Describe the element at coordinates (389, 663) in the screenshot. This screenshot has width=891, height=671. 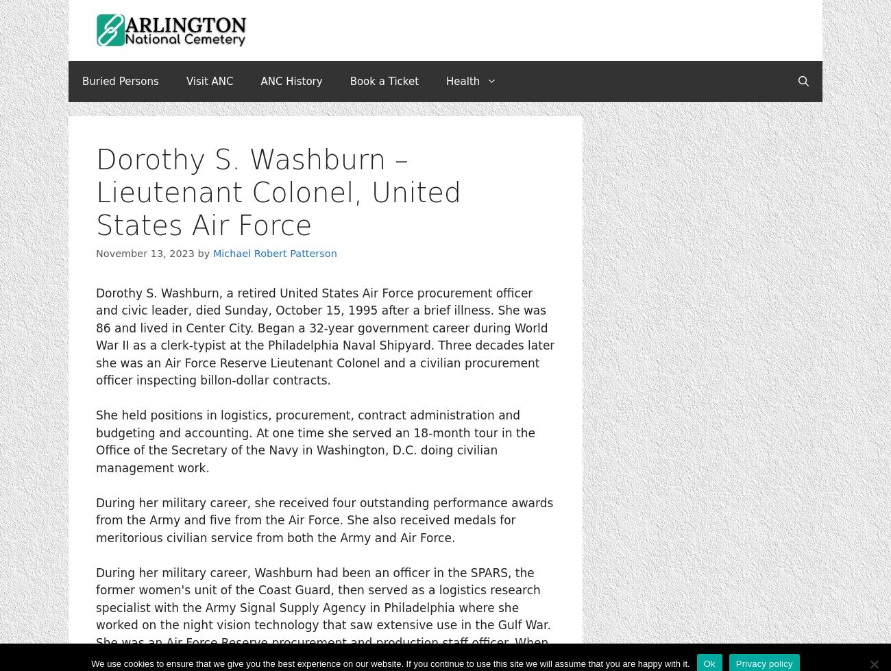
I see `'We use cookies to ensure that we give you the best experience on our website. If you continue to use this site we will assume that you are happy with it.'` at that location.